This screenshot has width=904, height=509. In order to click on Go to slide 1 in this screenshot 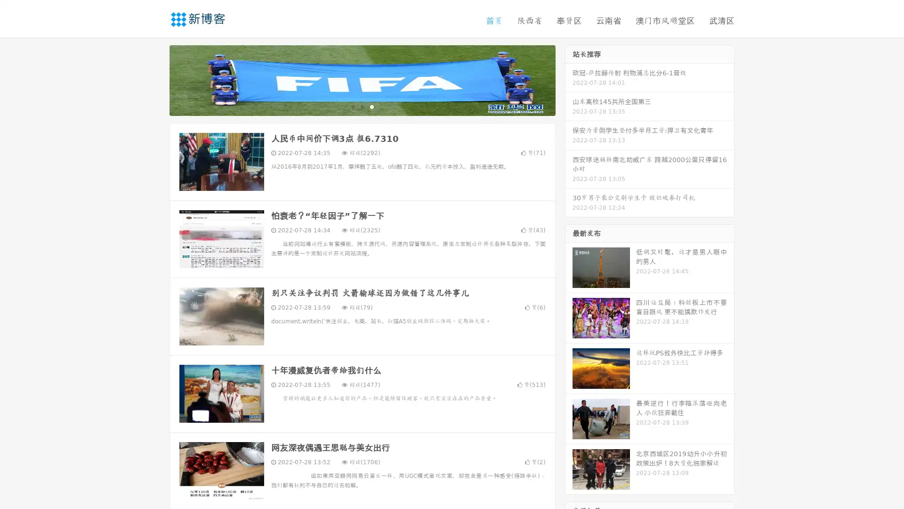, I will do `click(352, 106)`.